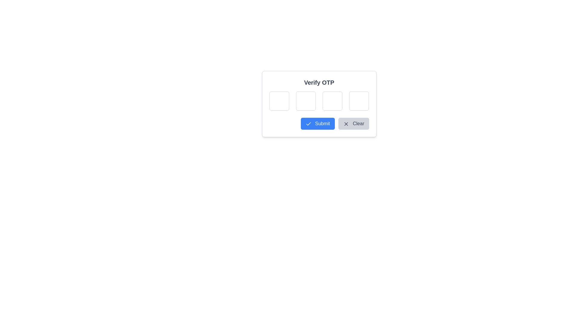 This screenshot has width=573, height=322. Describe the element at coordinates (354, 123) in the screenshot. I see `the second button from the right in the modal dialog that is labeled to clear or reset input fields, located to the right of the 'Submit' button` at that location.